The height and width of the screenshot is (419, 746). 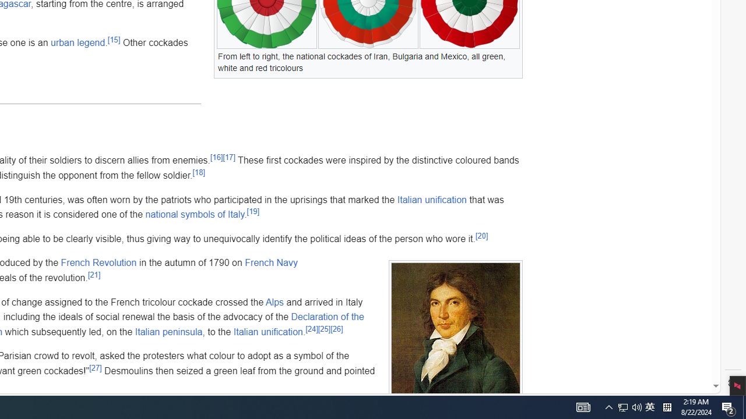 I want to click on '[18]', so click(x=199, y=172).